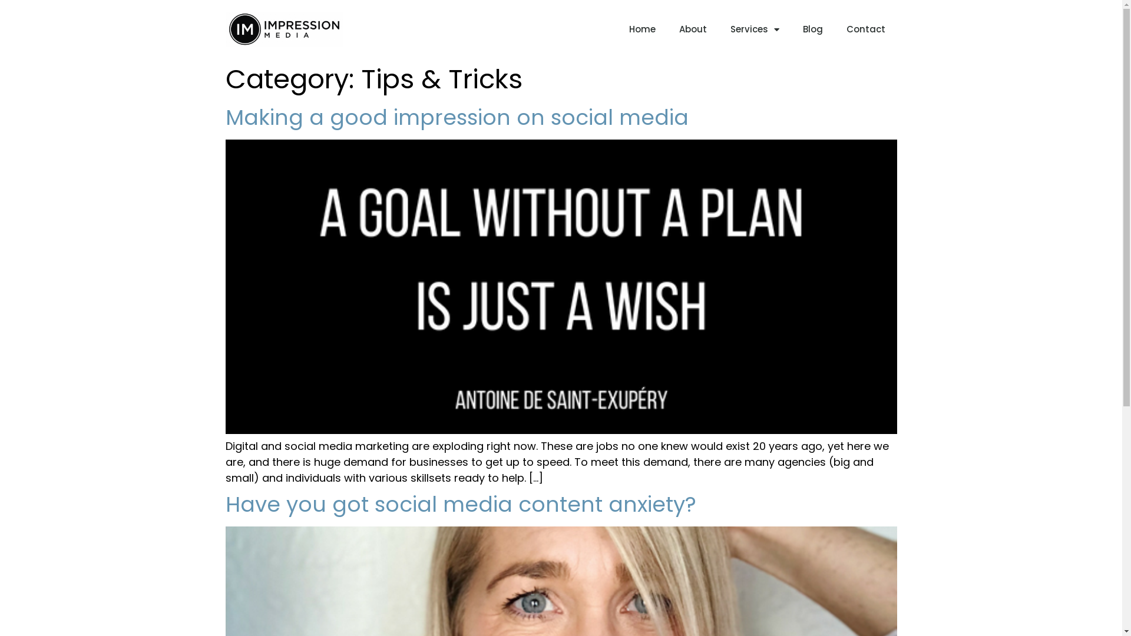 The image size is (1131, 636). I want to click on 'Contact', so click(865, 29).